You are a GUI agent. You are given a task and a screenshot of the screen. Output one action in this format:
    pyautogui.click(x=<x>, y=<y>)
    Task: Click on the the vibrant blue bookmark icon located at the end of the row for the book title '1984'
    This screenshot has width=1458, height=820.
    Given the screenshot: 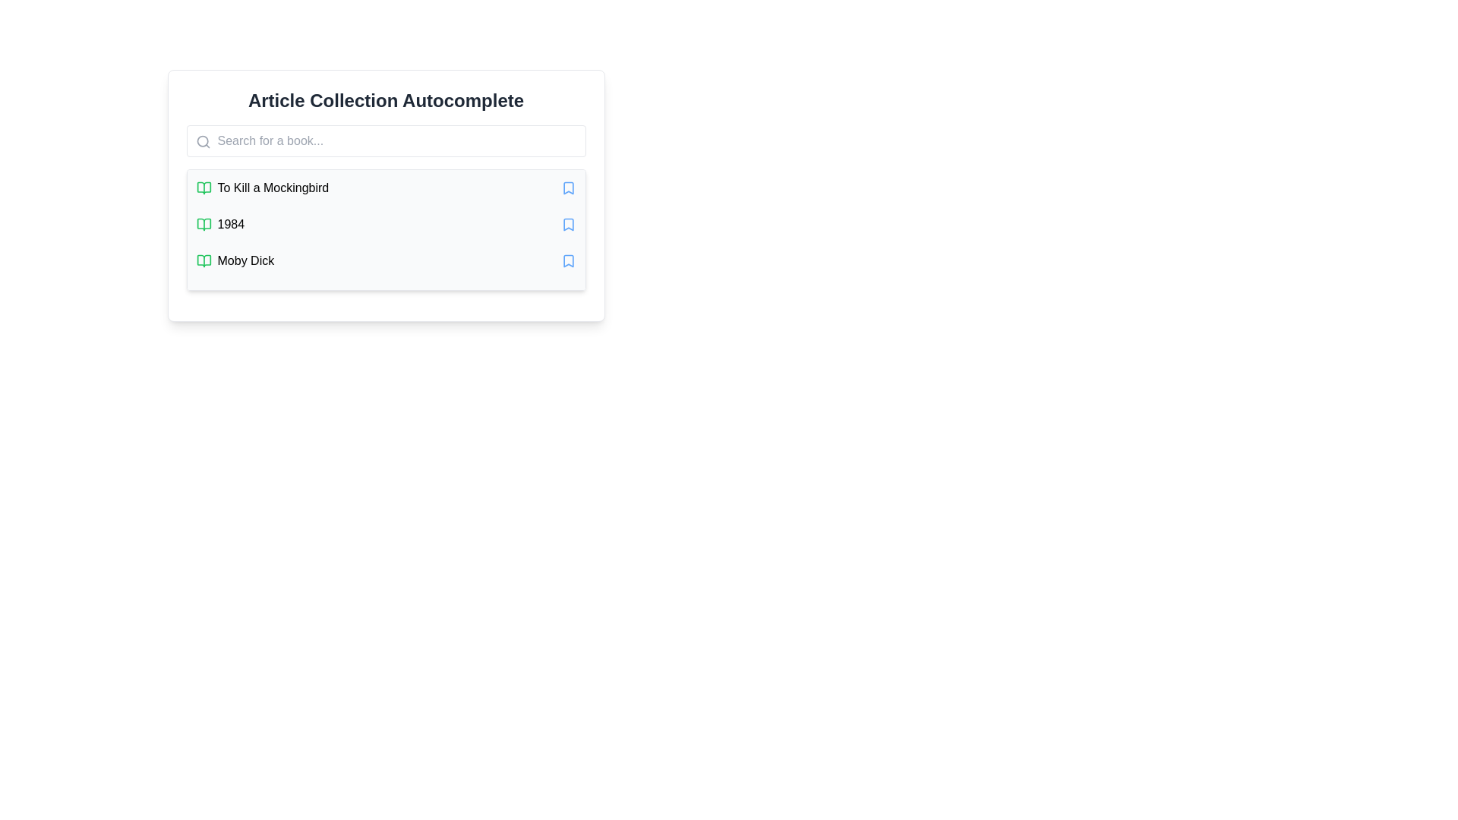 What is the action you would take?
    pyautogui.click(x=567, y=225)
    